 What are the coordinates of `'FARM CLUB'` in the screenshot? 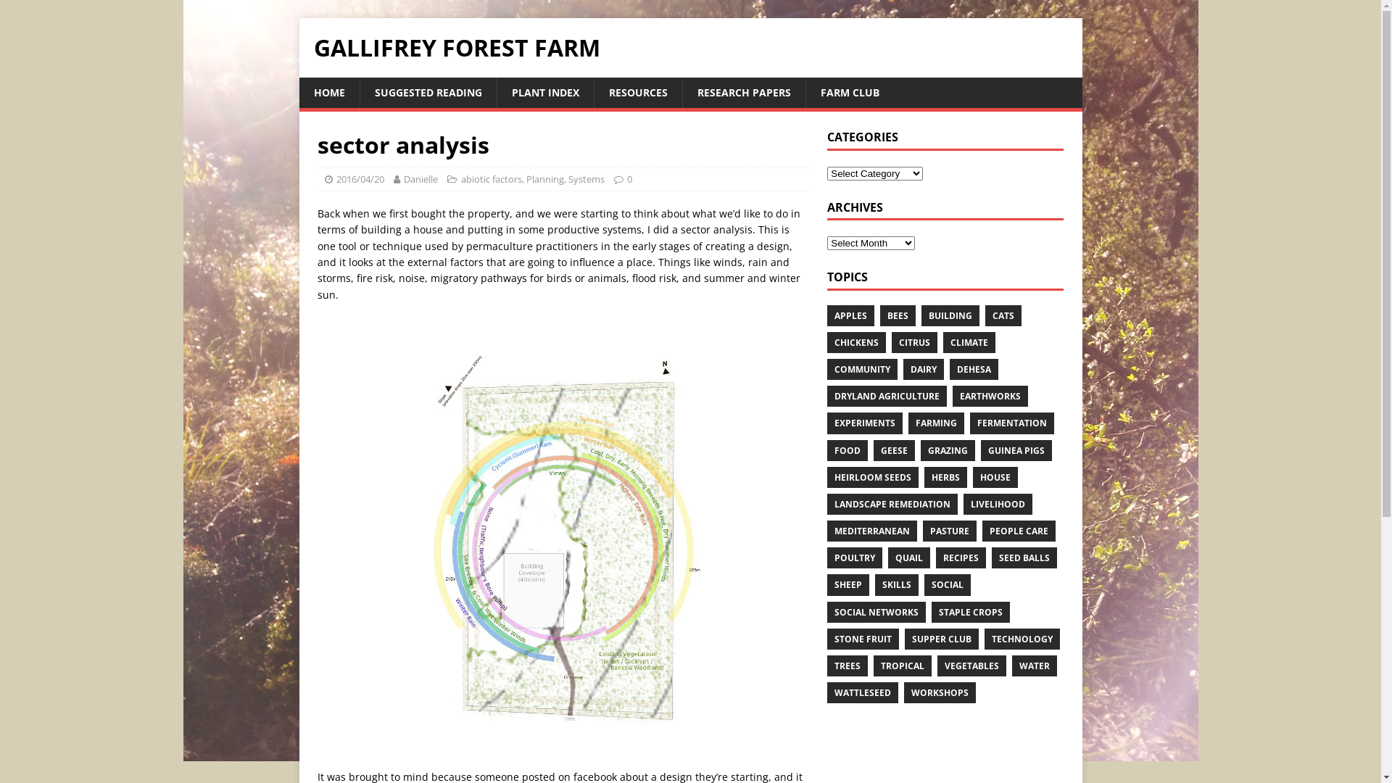 It's located at (849, 92).